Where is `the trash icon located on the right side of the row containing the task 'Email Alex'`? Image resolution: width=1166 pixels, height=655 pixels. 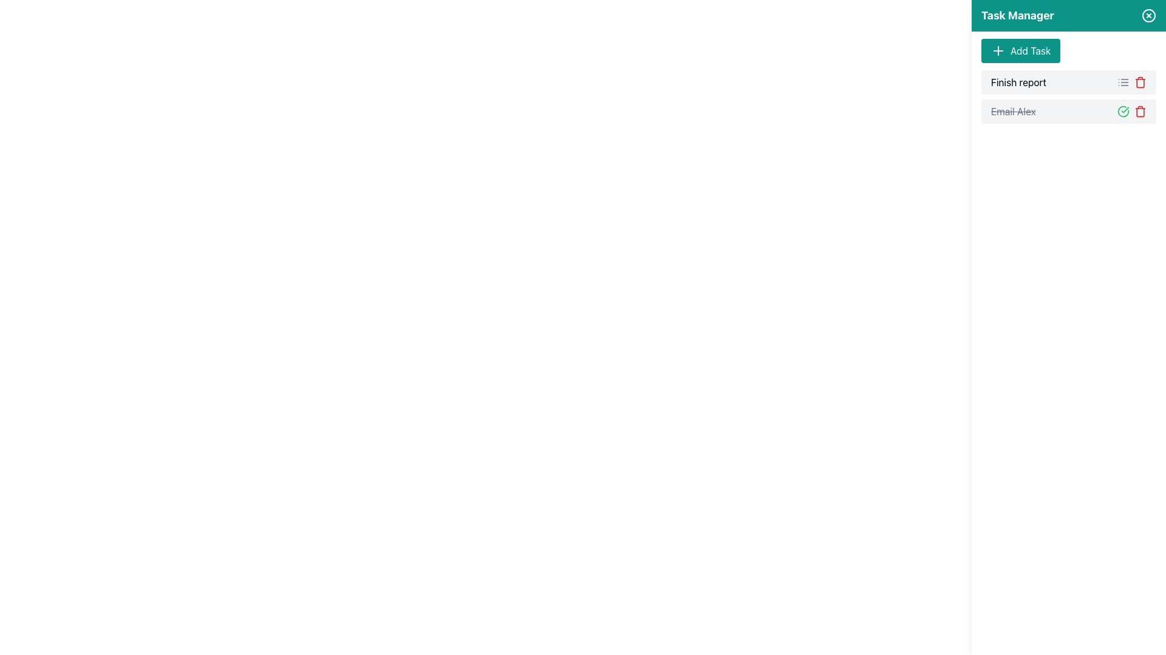
the trash icon located on the right side of the row containing the task 'Email Alex' is located at coordinates (1139, 112).